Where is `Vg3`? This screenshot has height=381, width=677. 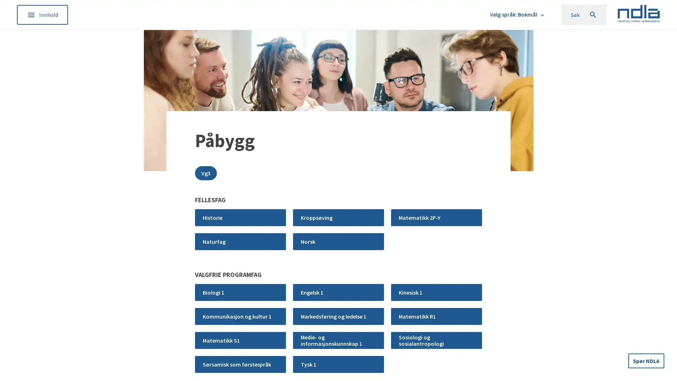
Vg3 is located at coordinates (206, 173).